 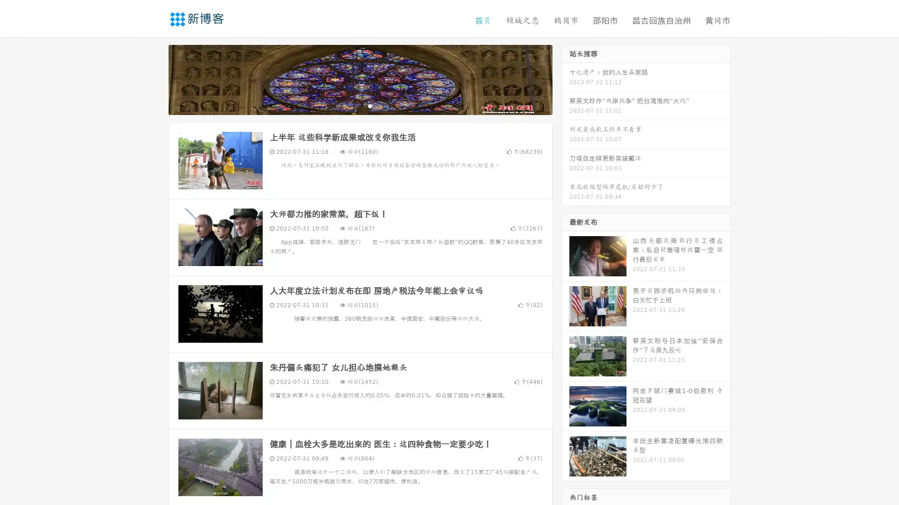 What do you see at coordinates (360, 105) in the screenshot?
I see `Go to slide 2` at bounding box center [360, 105].